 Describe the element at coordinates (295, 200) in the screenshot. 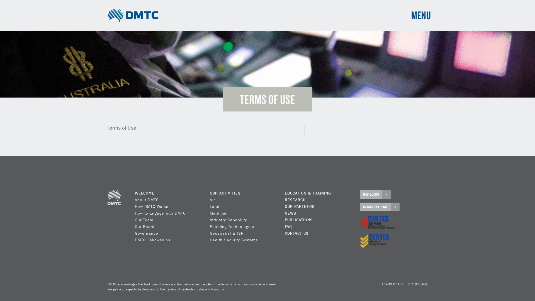

I see `'RESEARCH'` at that location.